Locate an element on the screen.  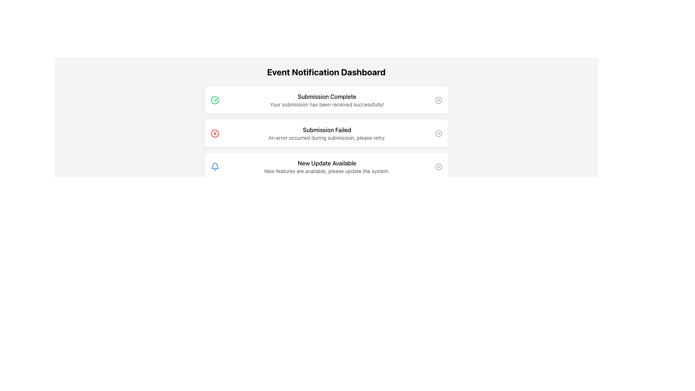
error message from the Notification box displaying 'Submission Failed' and additional info 'An error occurred during submission, please retry.' is located at coordinates (327, 134).